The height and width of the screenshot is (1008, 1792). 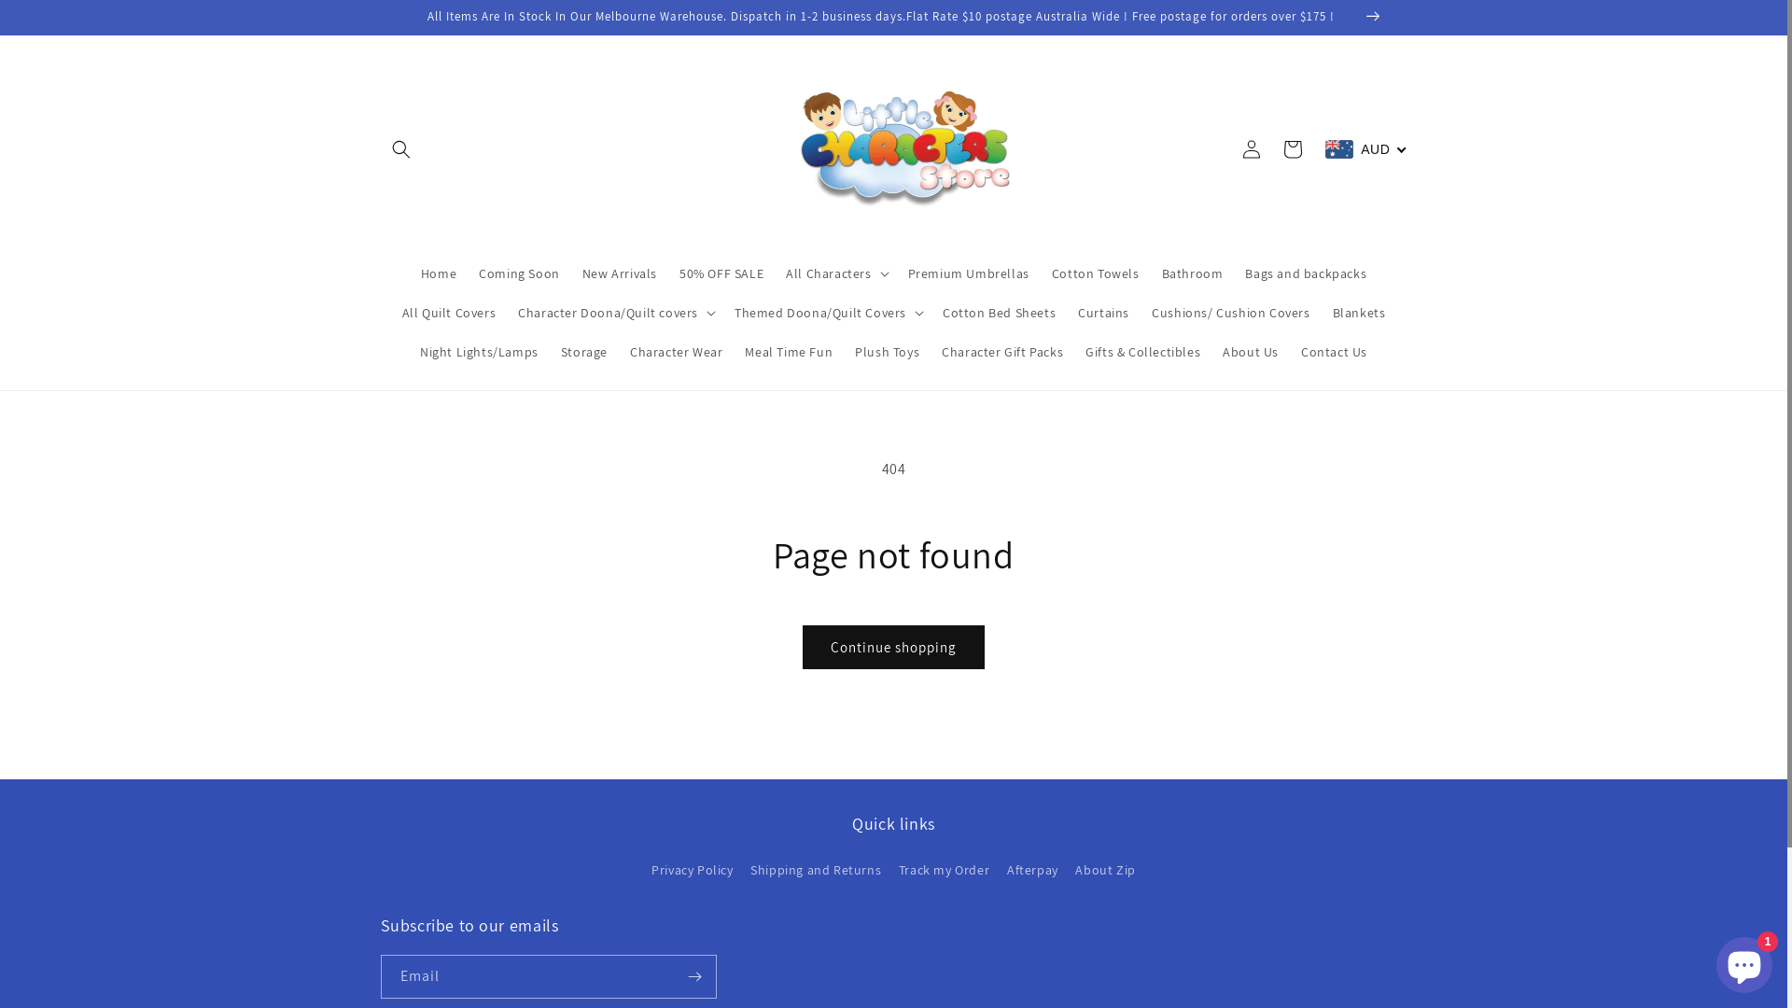 What do you see at coordinates (1141, 352) in the screenshot?
I see `'Gifts & Collectibles'` at bounding box center [1141, 352].